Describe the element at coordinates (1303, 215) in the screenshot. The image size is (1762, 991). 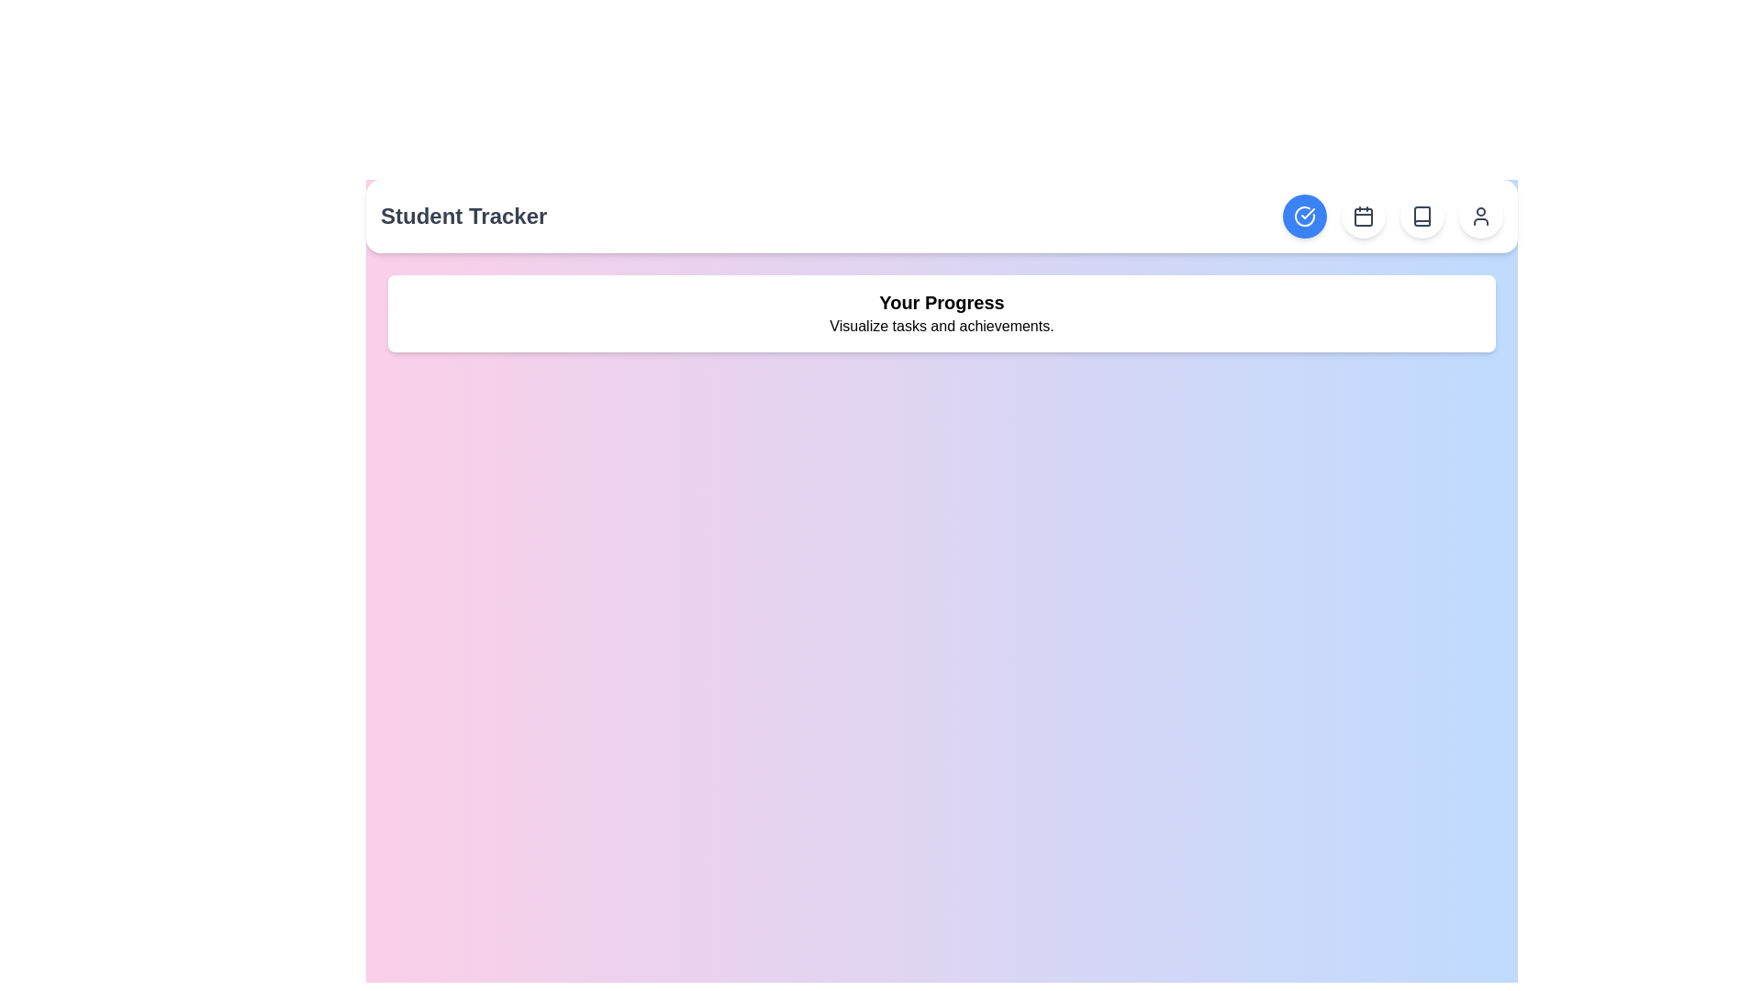
I see `the SVG icon located in the top-right corner of the interface, which serves as a visual indicator for tasks or progress` at that location.